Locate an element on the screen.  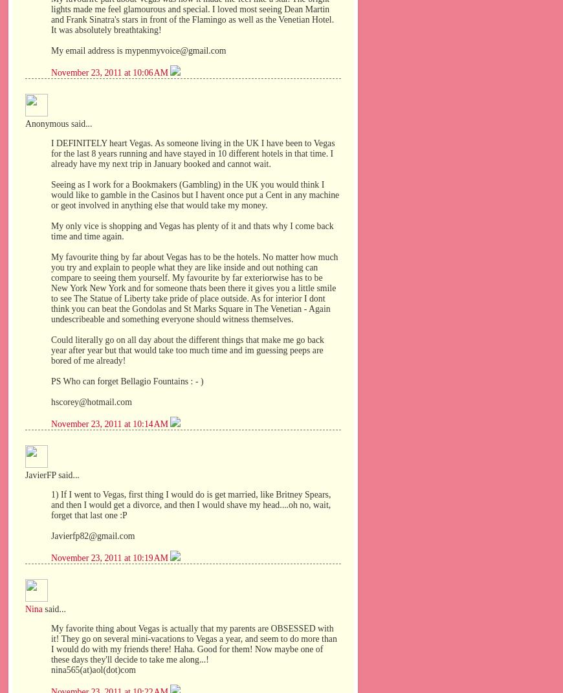
'November 23, 2011 at 10:06 AM' is located at coordinates (110, 72).